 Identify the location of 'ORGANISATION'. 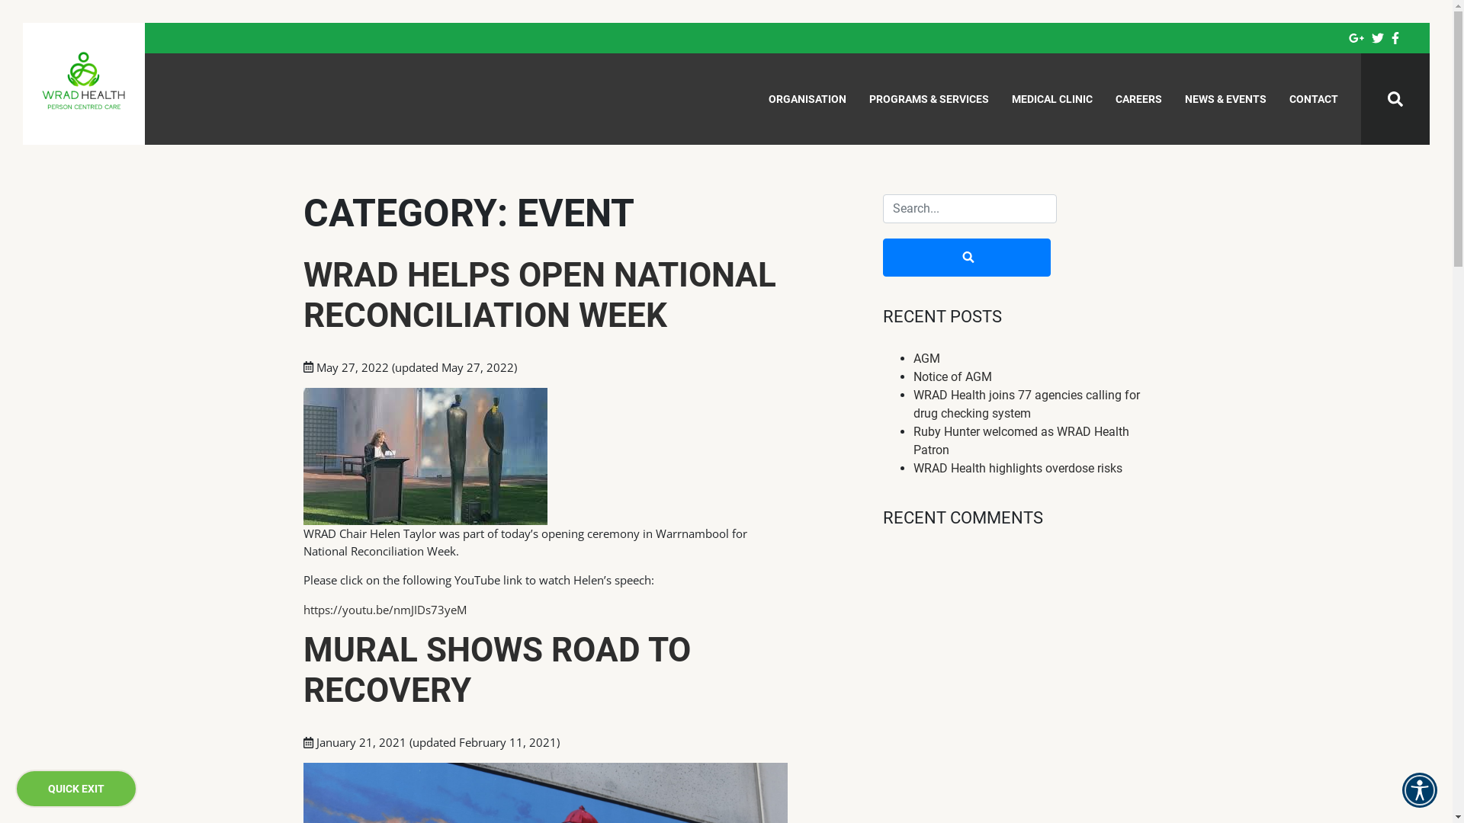
(807, 99).